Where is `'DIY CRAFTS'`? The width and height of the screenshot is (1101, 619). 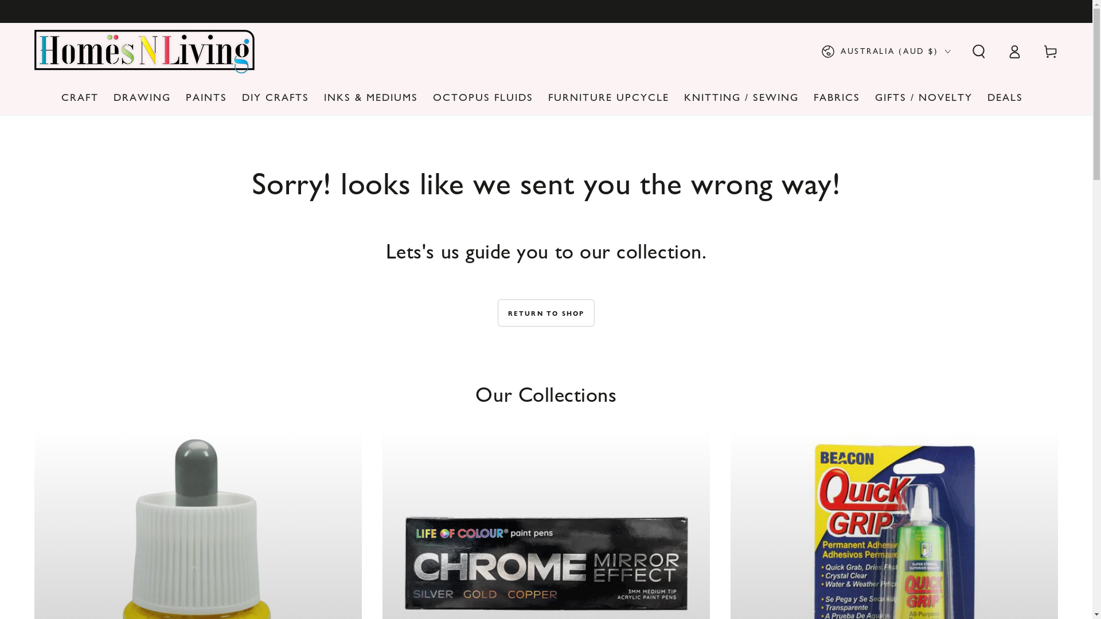 'DIY CRAFTS' is located at coordinates (275, 97).